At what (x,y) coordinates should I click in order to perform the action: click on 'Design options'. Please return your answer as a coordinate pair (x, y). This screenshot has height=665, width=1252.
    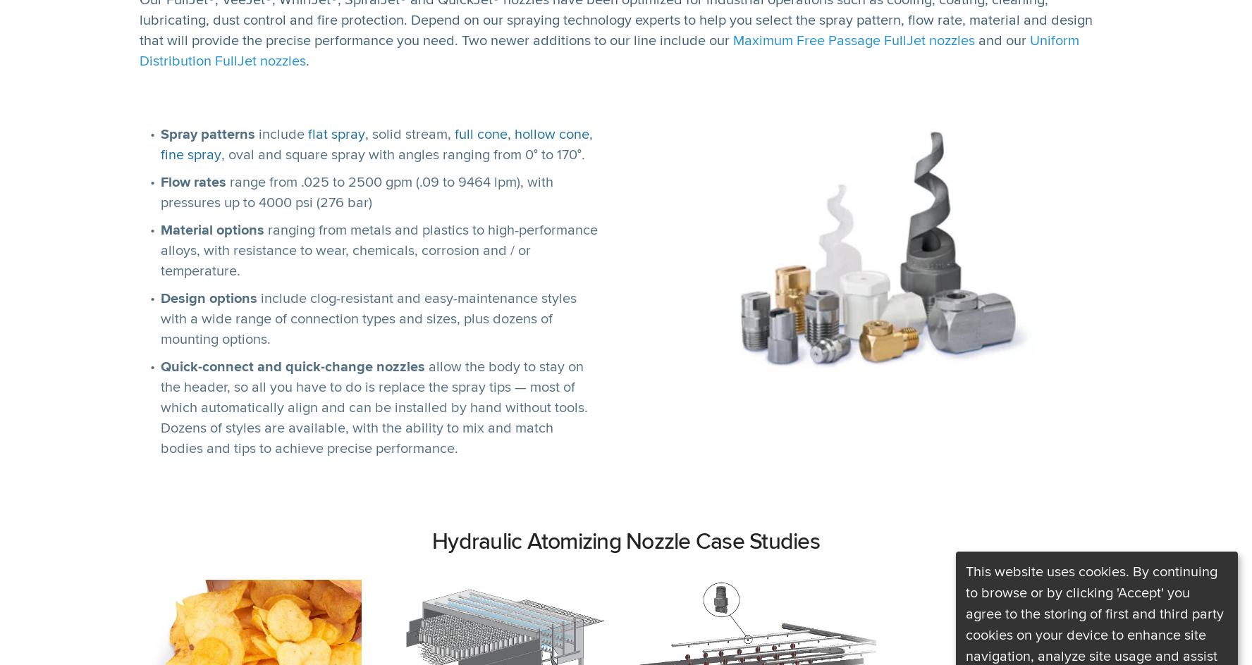
    Looking at the image, I should click on (209, 297).